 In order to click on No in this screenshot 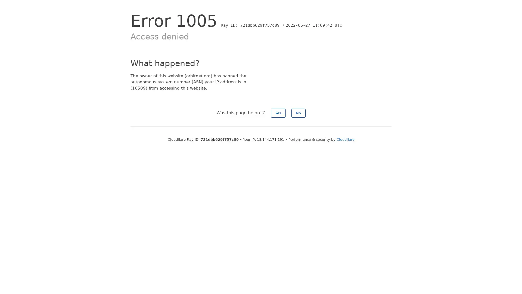, I will do `click(298, 113)`.